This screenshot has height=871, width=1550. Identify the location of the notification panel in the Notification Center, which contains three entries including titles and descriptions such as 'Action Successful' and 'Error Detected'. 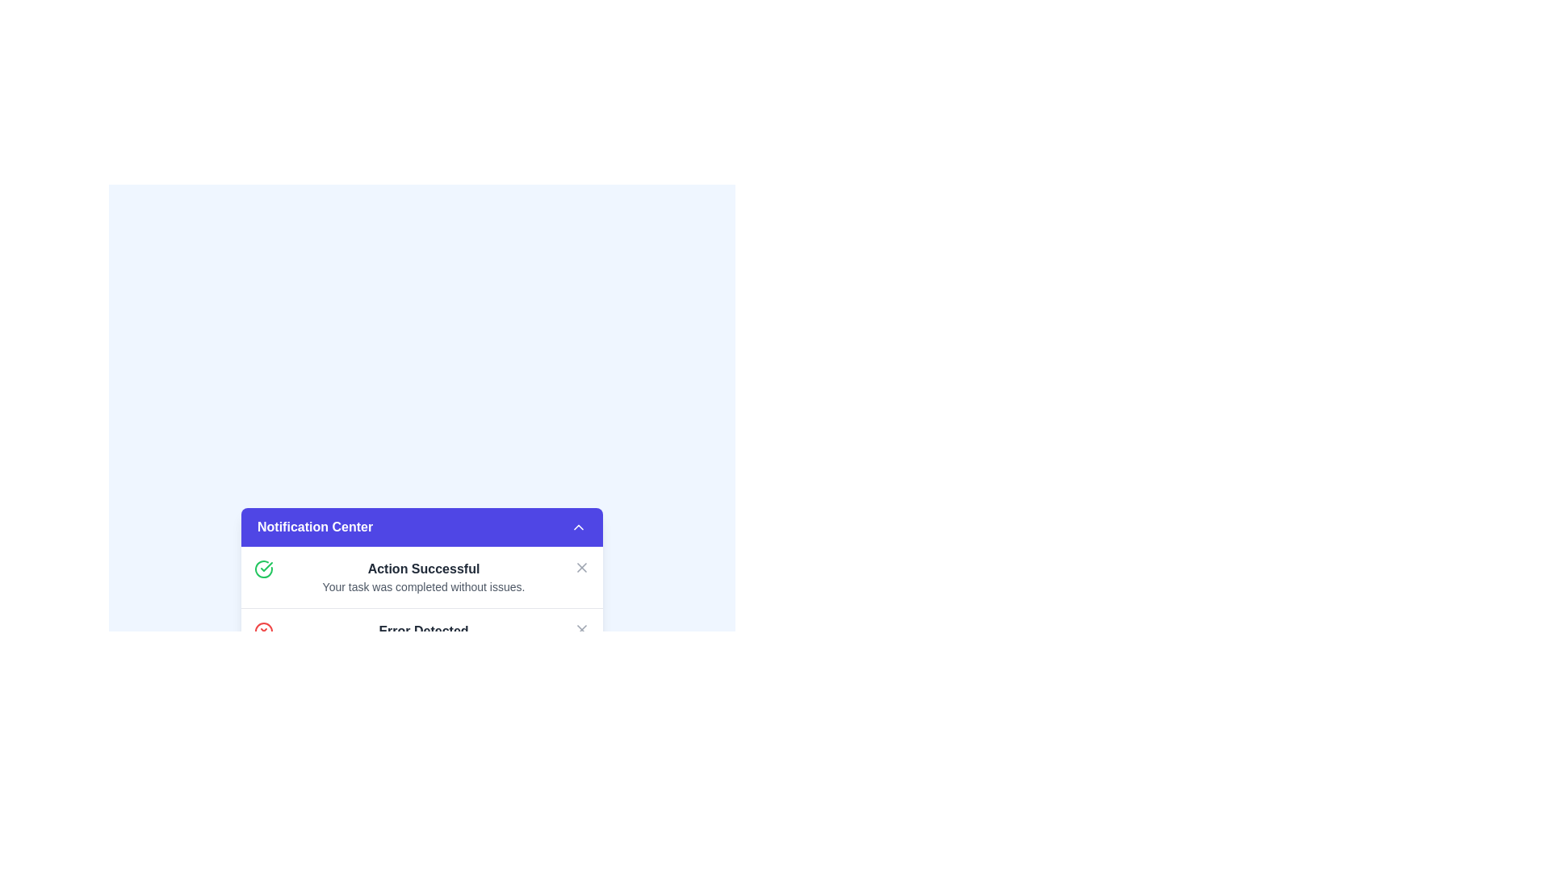
(422, 639).